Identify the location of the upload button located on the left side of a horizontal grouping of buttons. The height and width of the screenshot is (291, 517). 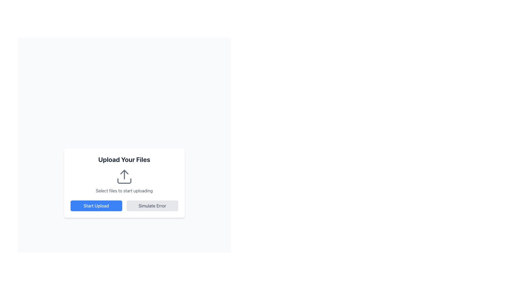
(96, 206).